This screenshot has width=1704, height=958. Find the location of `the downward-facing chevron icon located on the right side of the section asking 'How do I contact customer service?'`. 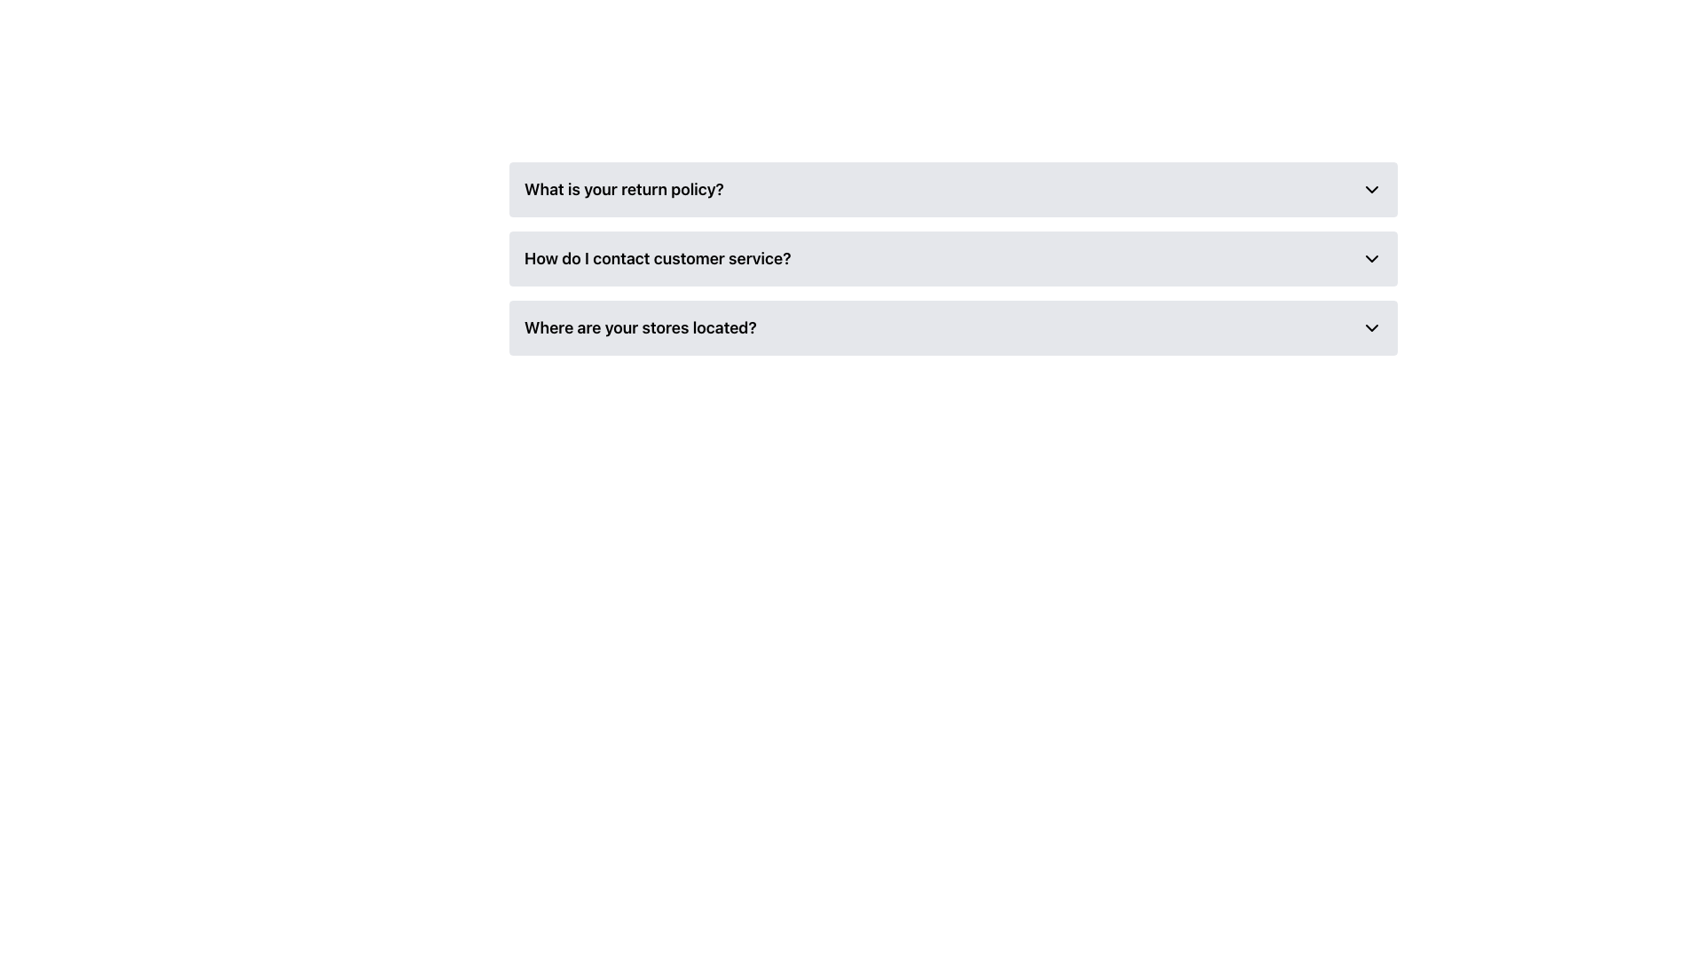

the downward-facing chevron icon located on the right side of the section asking 'How do I contact customer service?' is located at coordinates (1370, 259).